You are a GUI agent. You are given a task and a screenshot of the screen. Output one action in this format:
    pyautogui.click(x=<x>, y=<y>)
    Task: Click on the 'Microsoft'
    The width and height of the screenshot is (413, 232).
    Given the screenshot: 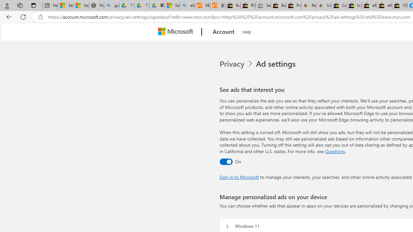 What is the action you would take?
    pyautogui.click(x=177, y=32)
    